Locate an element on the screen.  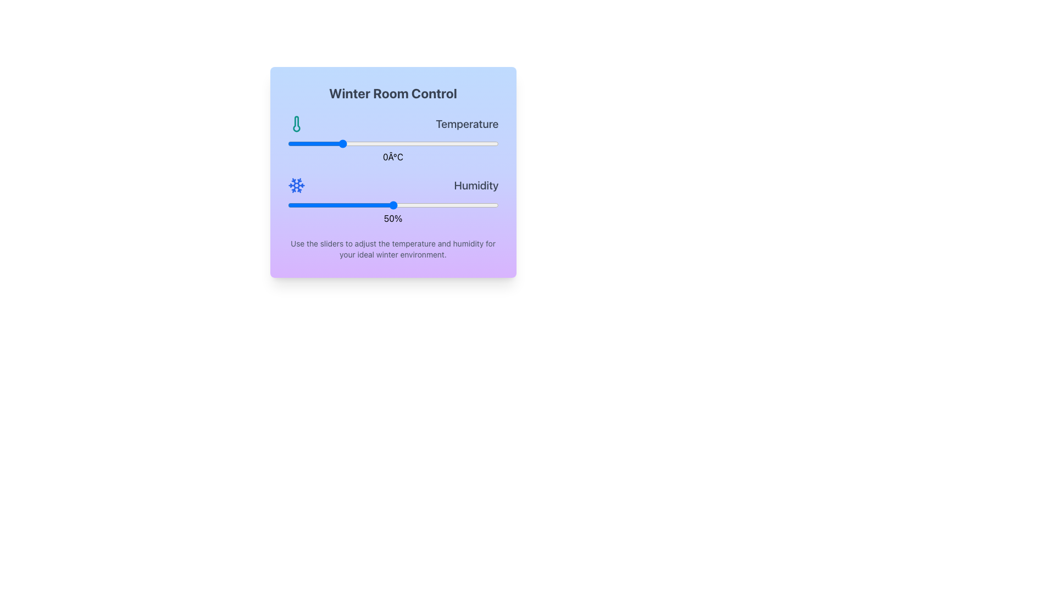
humidity level is located at coordinates (395, 205).